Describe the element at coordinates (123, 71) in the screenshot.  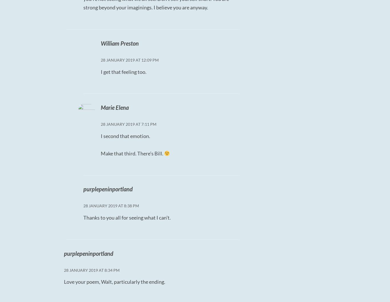
I see `'I get that feeling too.'` at that location.